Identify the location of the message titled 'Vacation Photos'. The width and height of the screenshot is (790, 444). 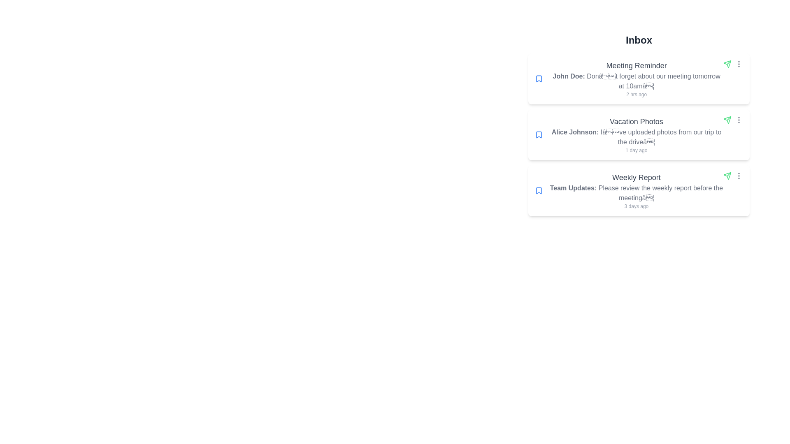
(639, 134).